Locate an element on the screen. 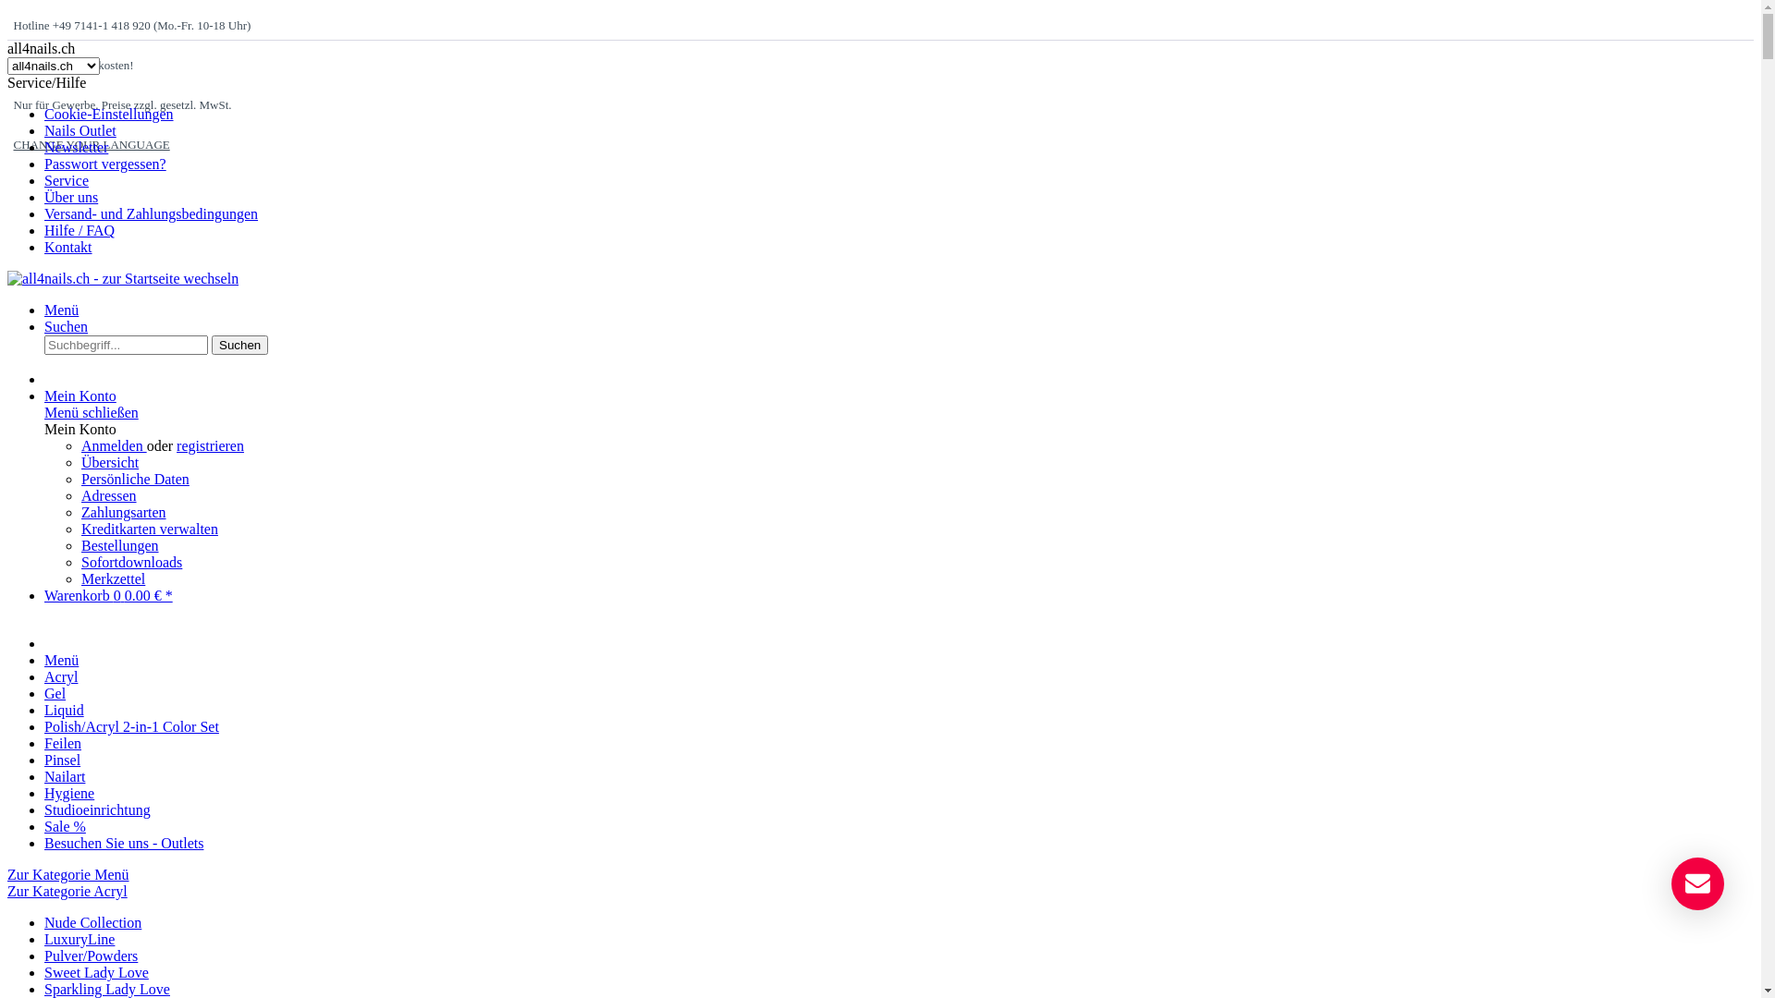 Image resolution: width=1775 pixels, height=998 pixels. 'Sweet Lady Love' is located at coordinates (95, 971).